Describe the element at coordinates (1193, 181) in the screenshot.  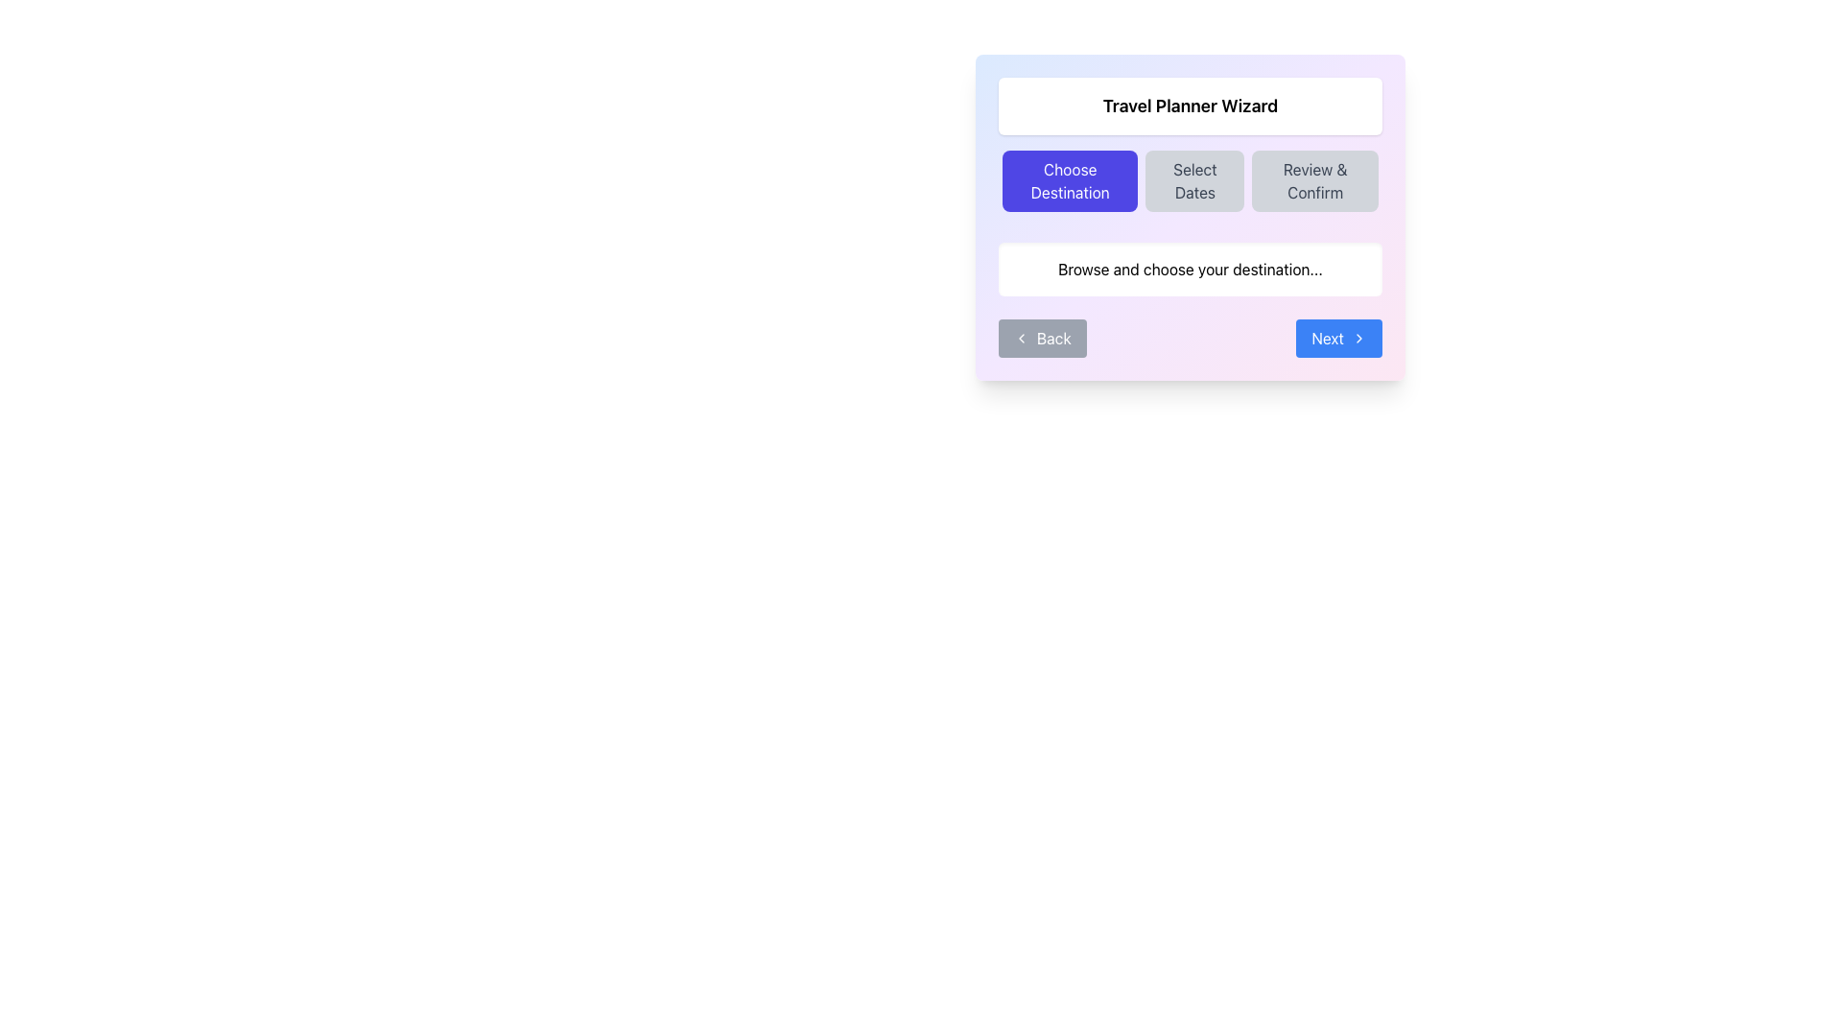
I see `the 'Select Dates' button, which is the second button from the left in a horizontal arrangement` at that location.